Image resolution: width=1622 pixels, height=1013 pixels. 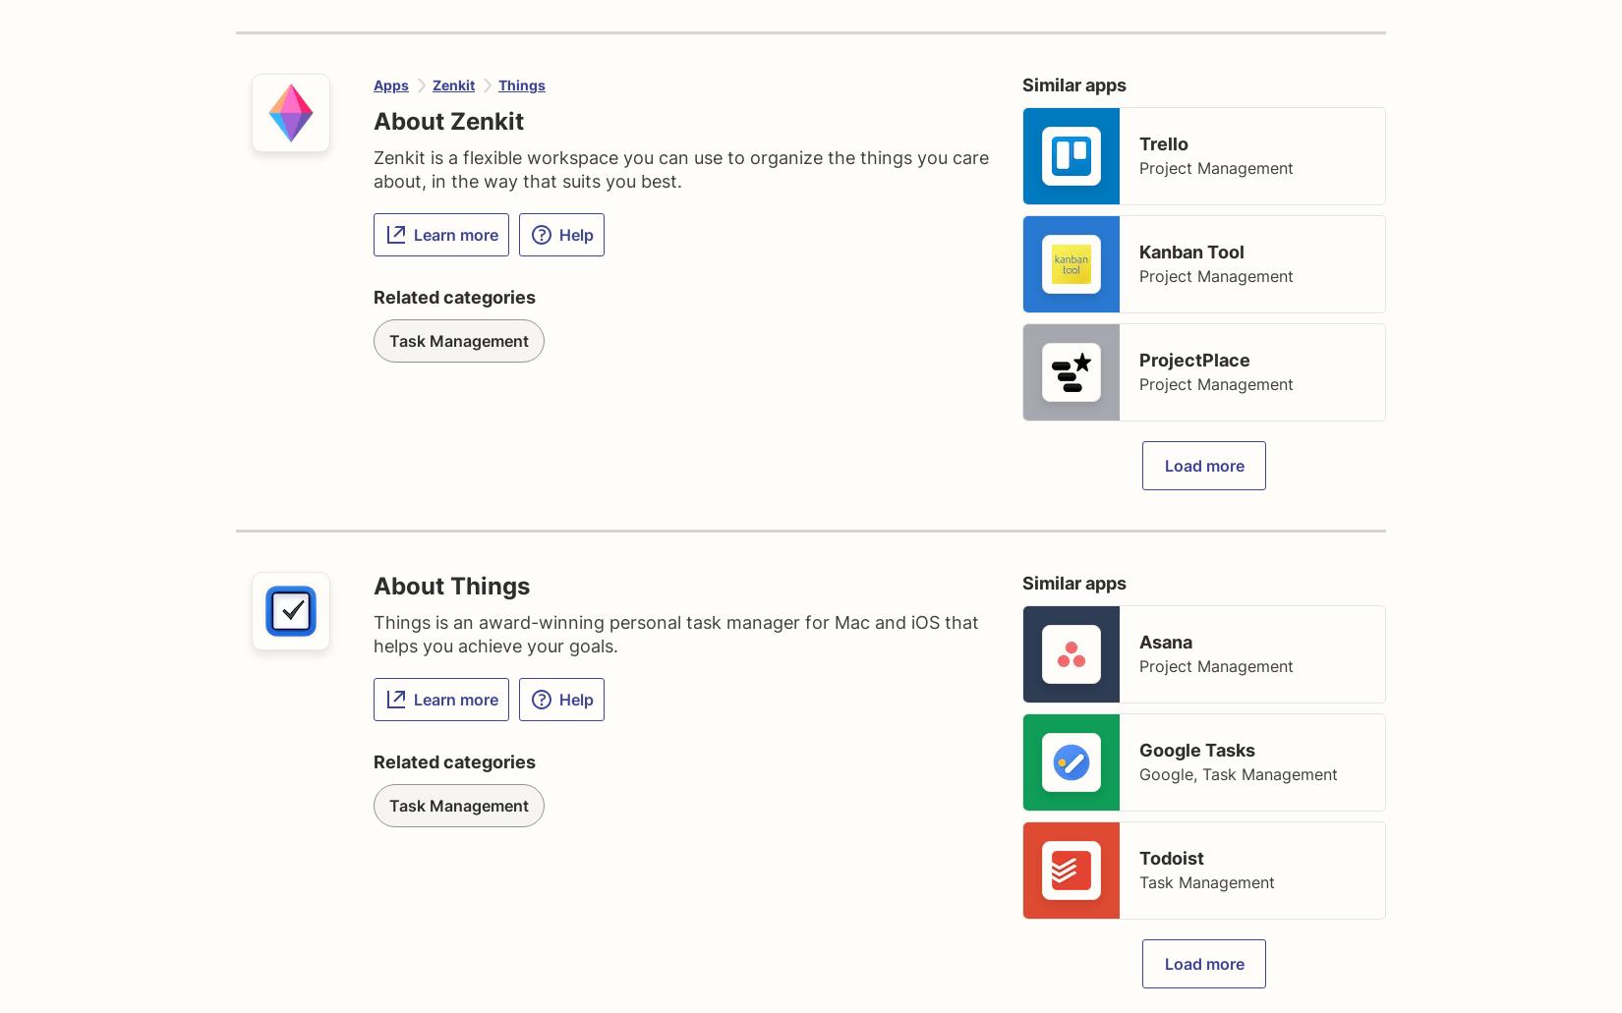 I want to click on 'Todoist', so click(x=1171, y=858).